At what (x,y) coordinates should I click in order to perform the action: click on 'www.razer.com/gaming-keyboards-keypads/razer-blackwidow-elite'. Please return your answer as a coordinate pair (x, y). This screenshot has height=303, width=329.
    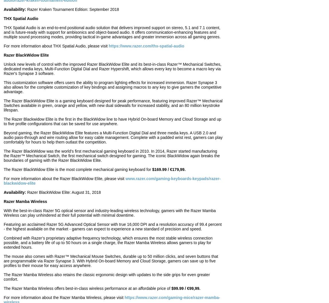
    Looking at the image, I should click on (112, 181).